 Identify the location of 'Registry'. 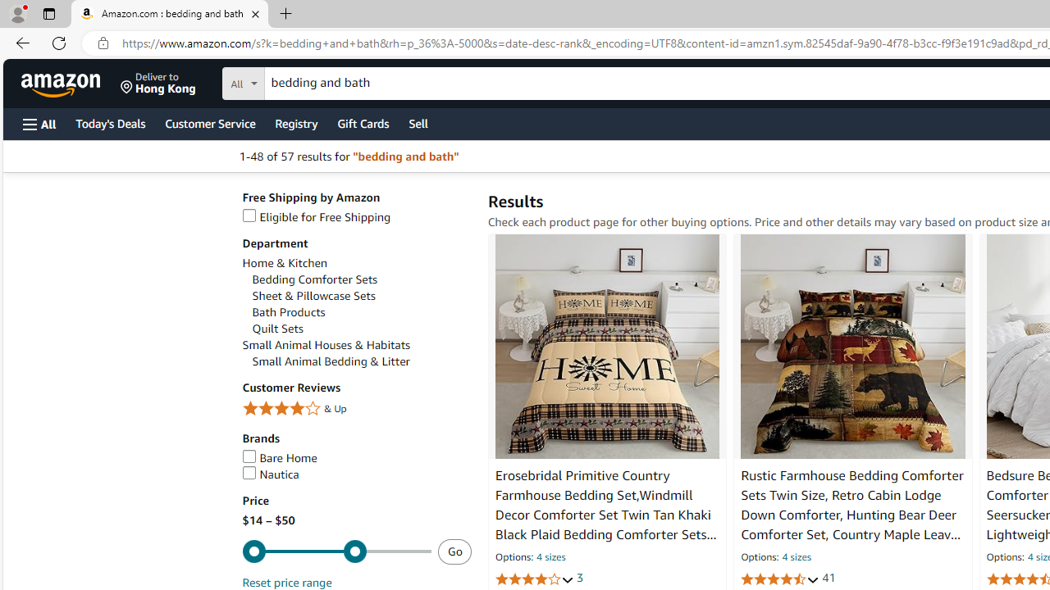
(295, 122).